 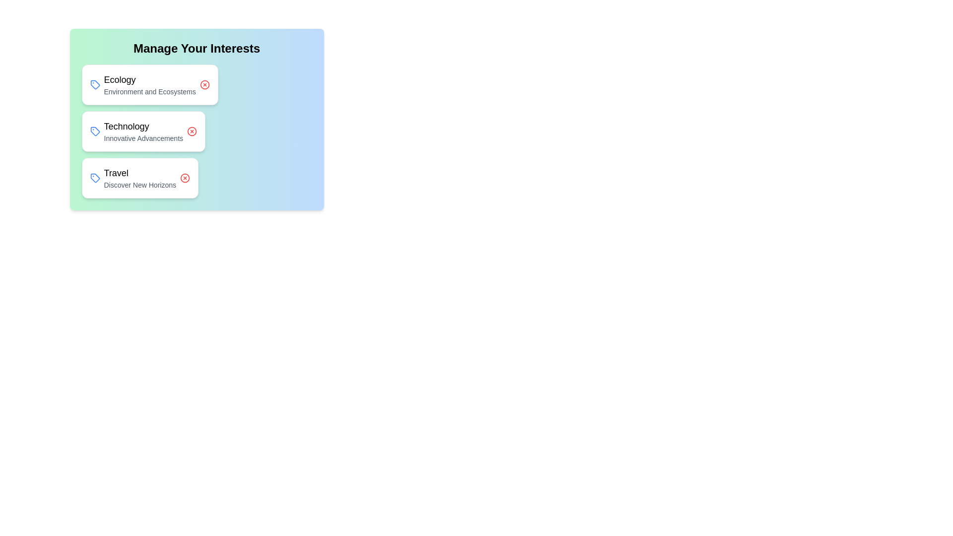 What do you see at coordinates (139, 177) in the screenshot?
I see `the chip labeled Travel to observe the hover effect` at bounding box center [139, 177].